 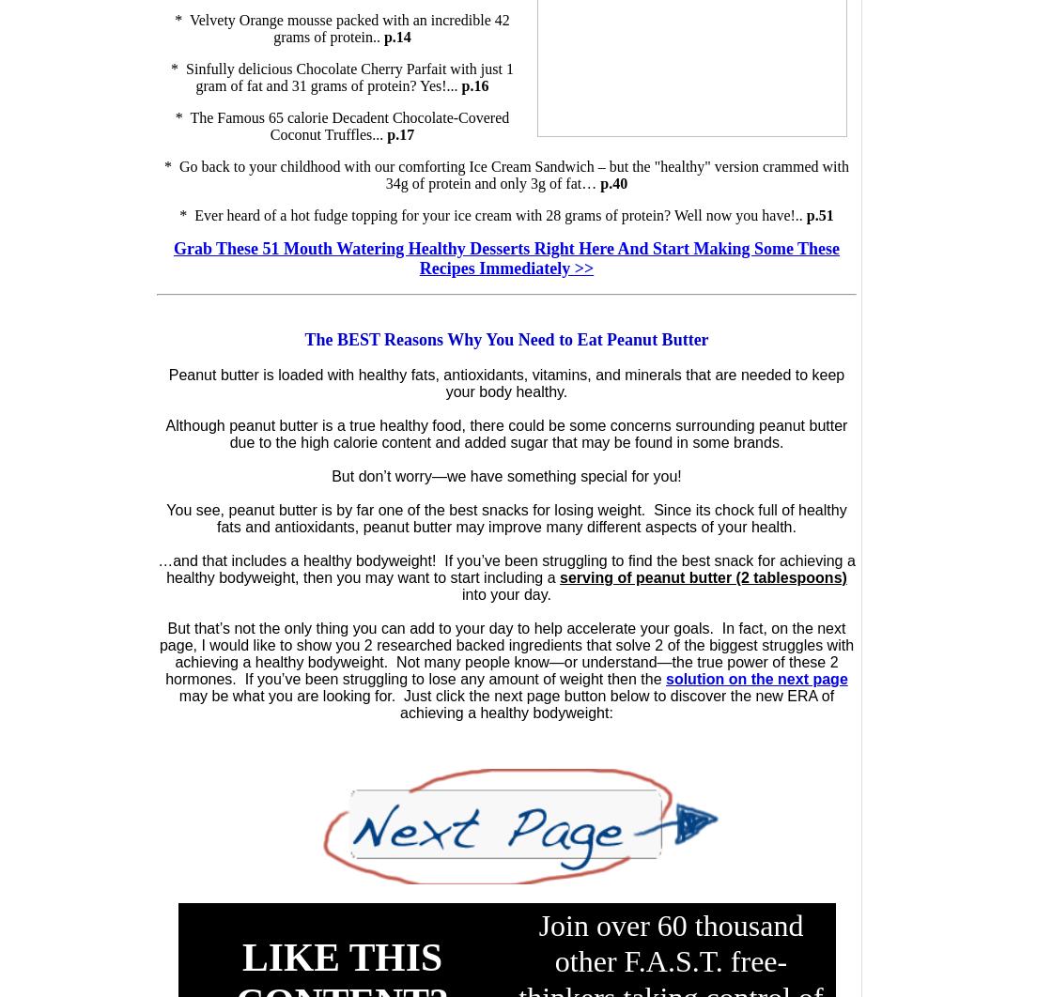 What do you see at coordinates (506, 594) in the screenshot?
I see `'into your day.'` at bounding box center [506, 594].